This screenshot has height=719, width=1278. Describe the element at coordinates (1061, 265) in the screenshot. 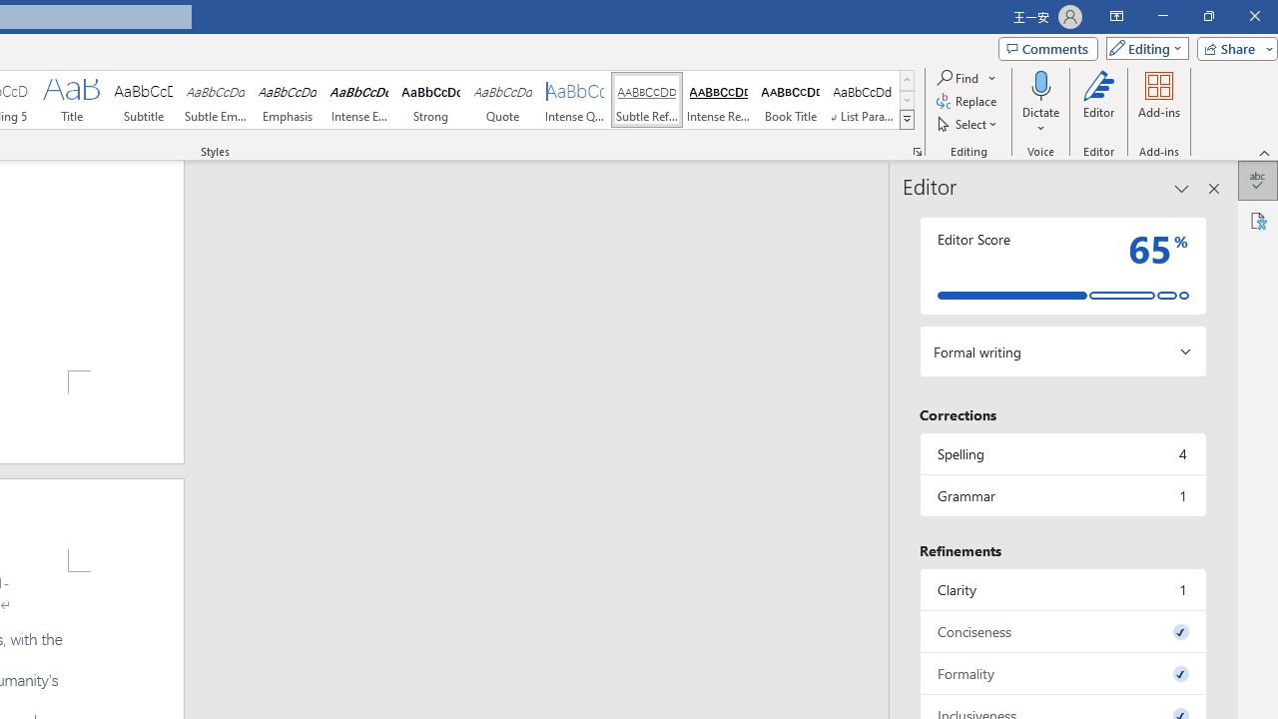

I see `'Editor Score 65%'` at that location.